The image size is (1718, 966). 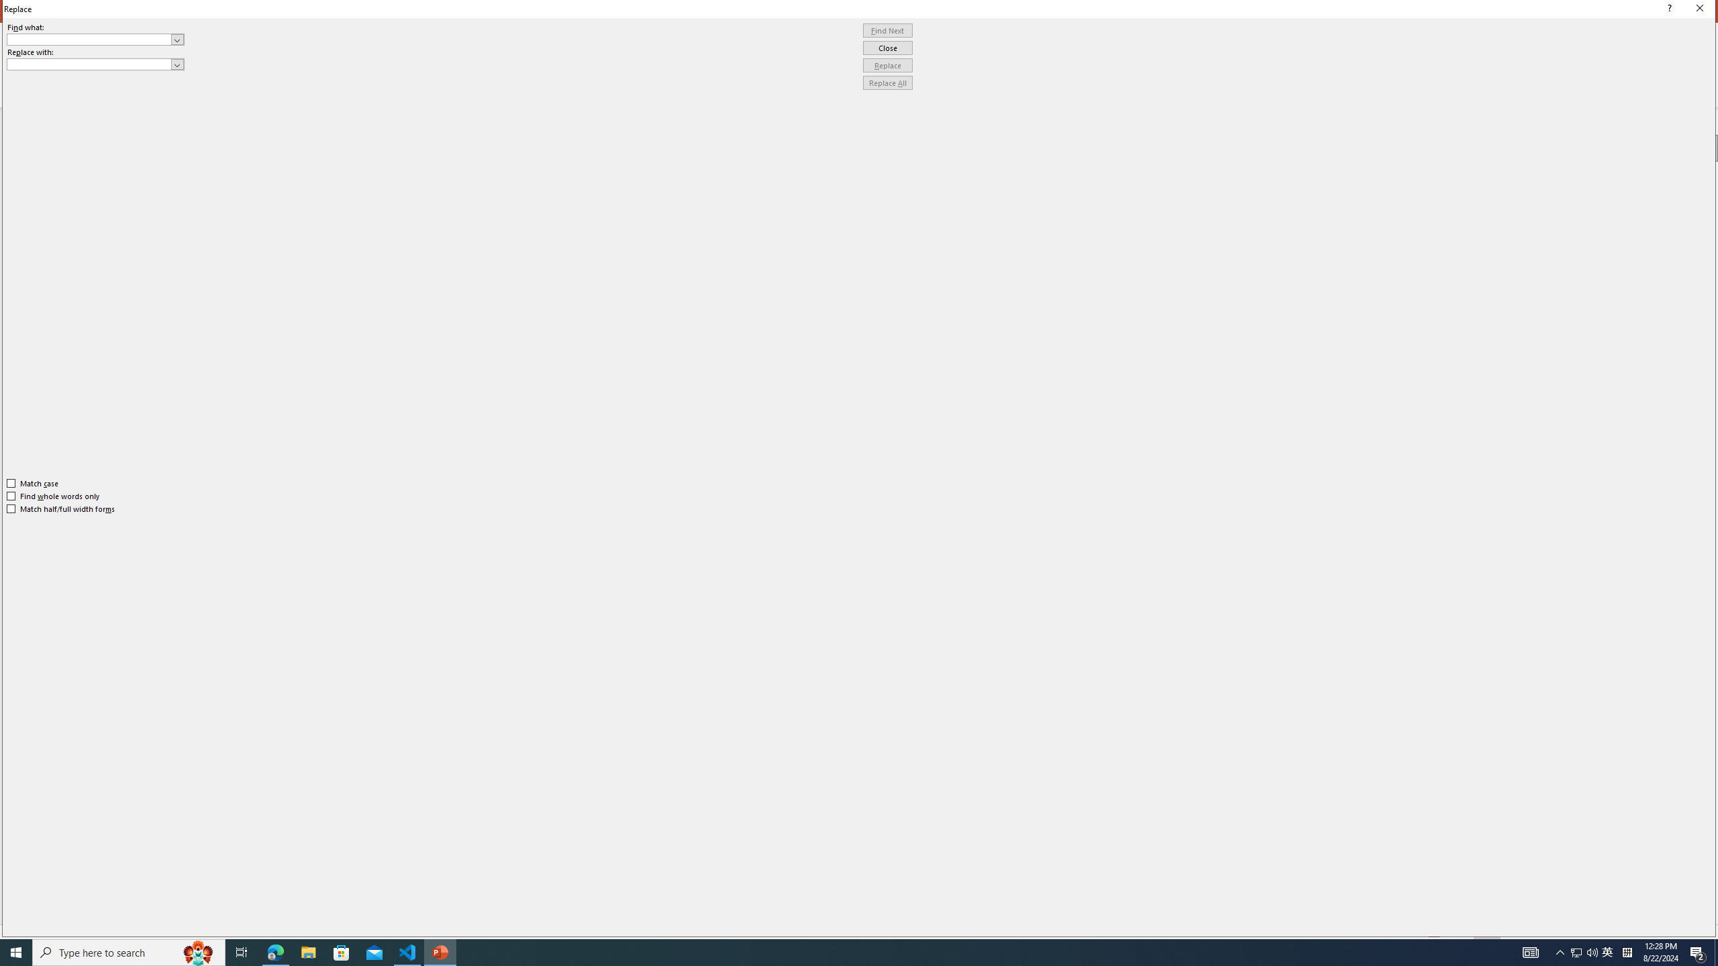 What do you see at coordinates (887, 64) in the screenshot?
I see `'Replace'` at bounding box center [887, 64].